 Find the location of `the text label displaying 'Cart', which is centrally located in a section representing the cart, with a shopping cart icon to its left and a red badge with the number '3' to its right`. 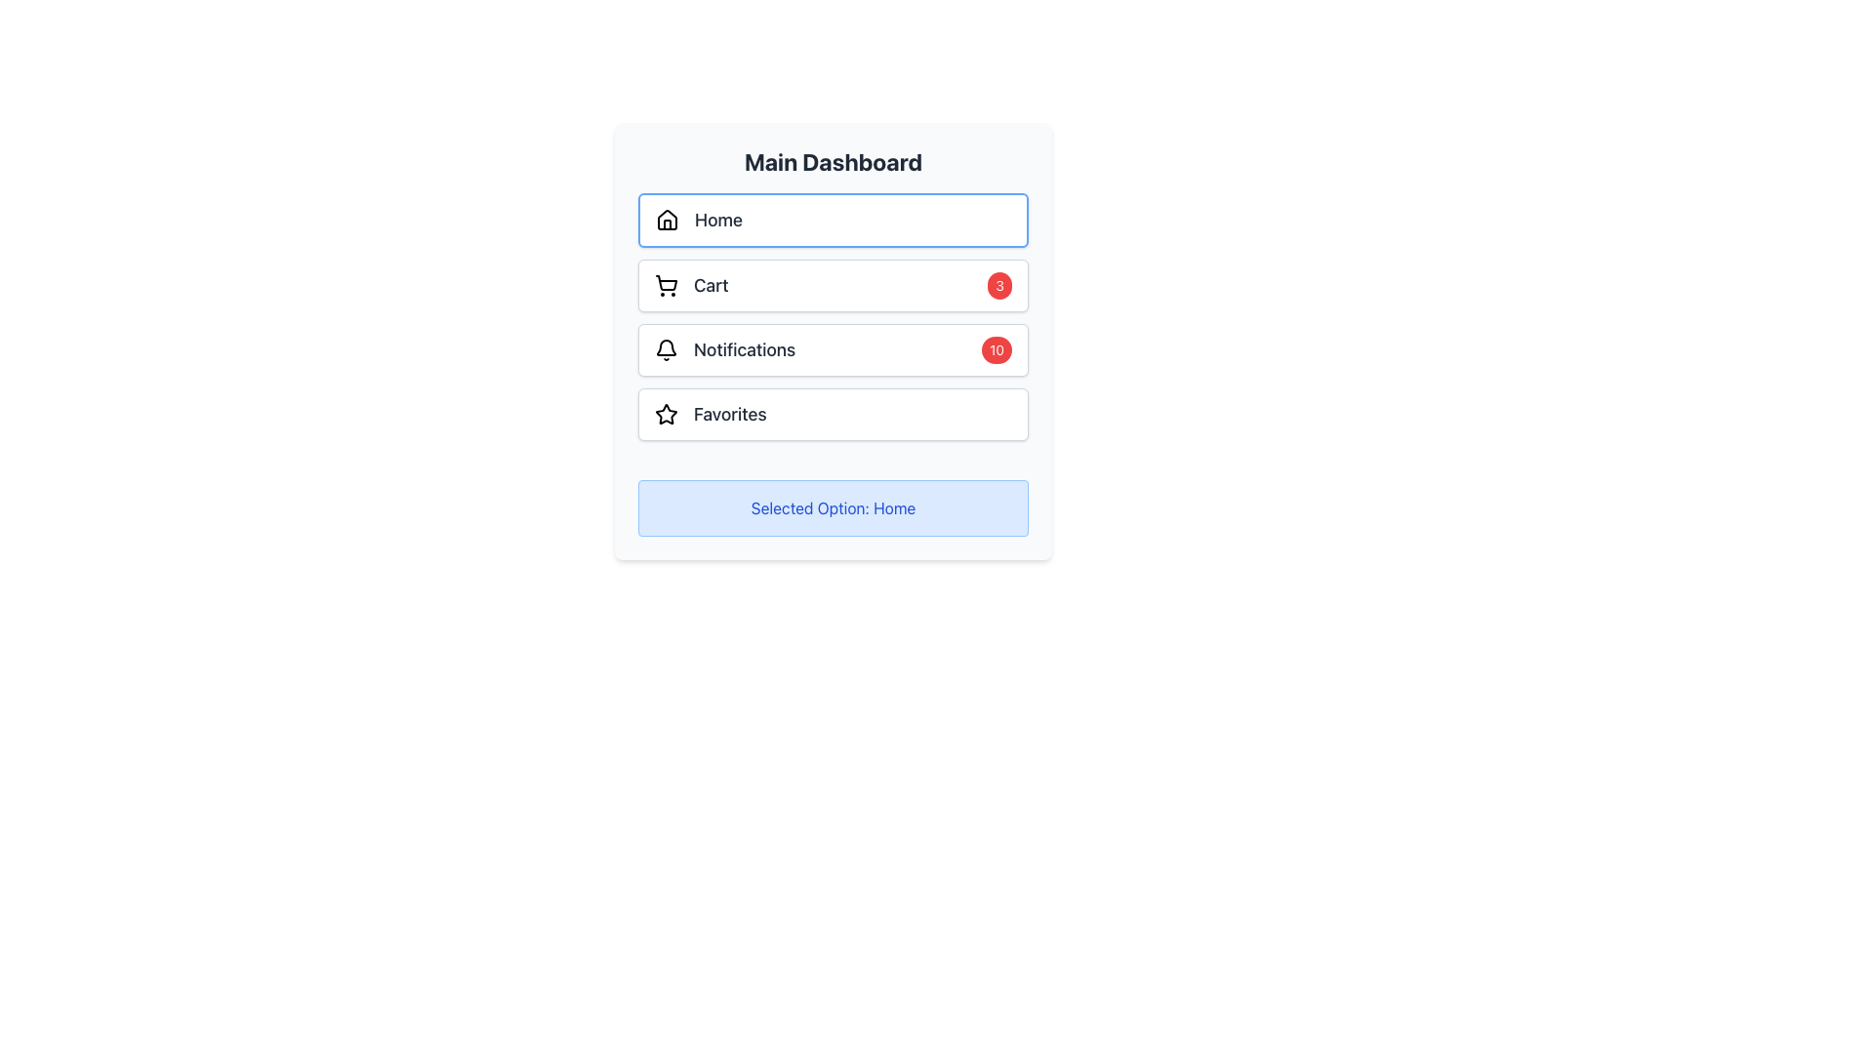

the text label displaying 'Cart', which is centrally located in a section representing the cart, with a shopping cart icon to its left and a red badge with the number '3' to its right is located at coordinates (833, 286).